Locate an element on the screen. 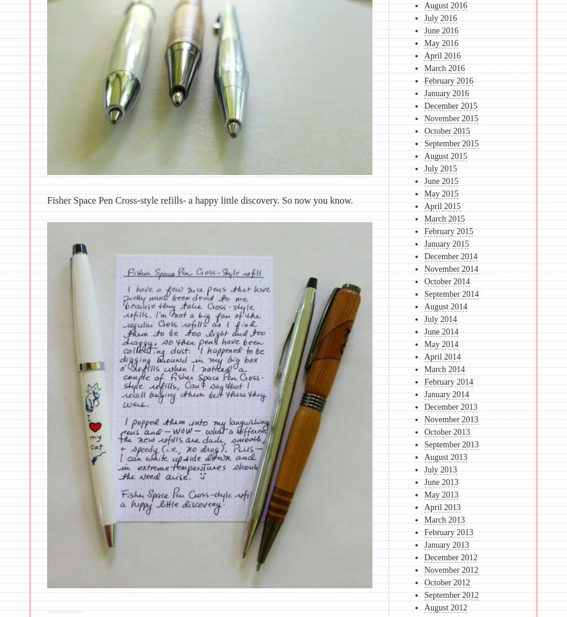 This screenshot has height=617, width=567. 'July 2016' is located at coordinates (424, 18).